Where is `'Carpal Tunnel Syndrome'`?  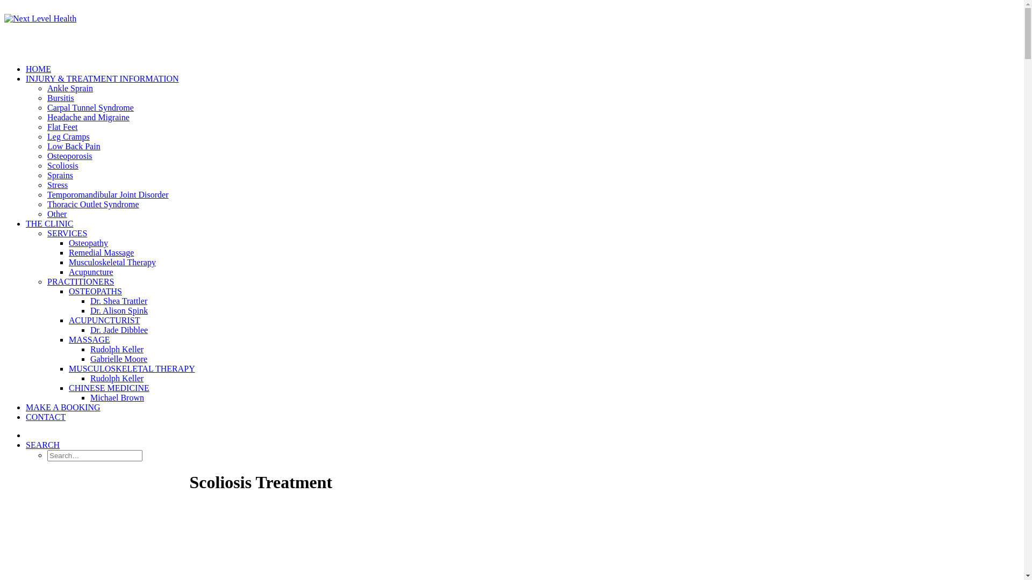 'Carpal Tunnel Syndrome' is located at coordinates (46, 107).